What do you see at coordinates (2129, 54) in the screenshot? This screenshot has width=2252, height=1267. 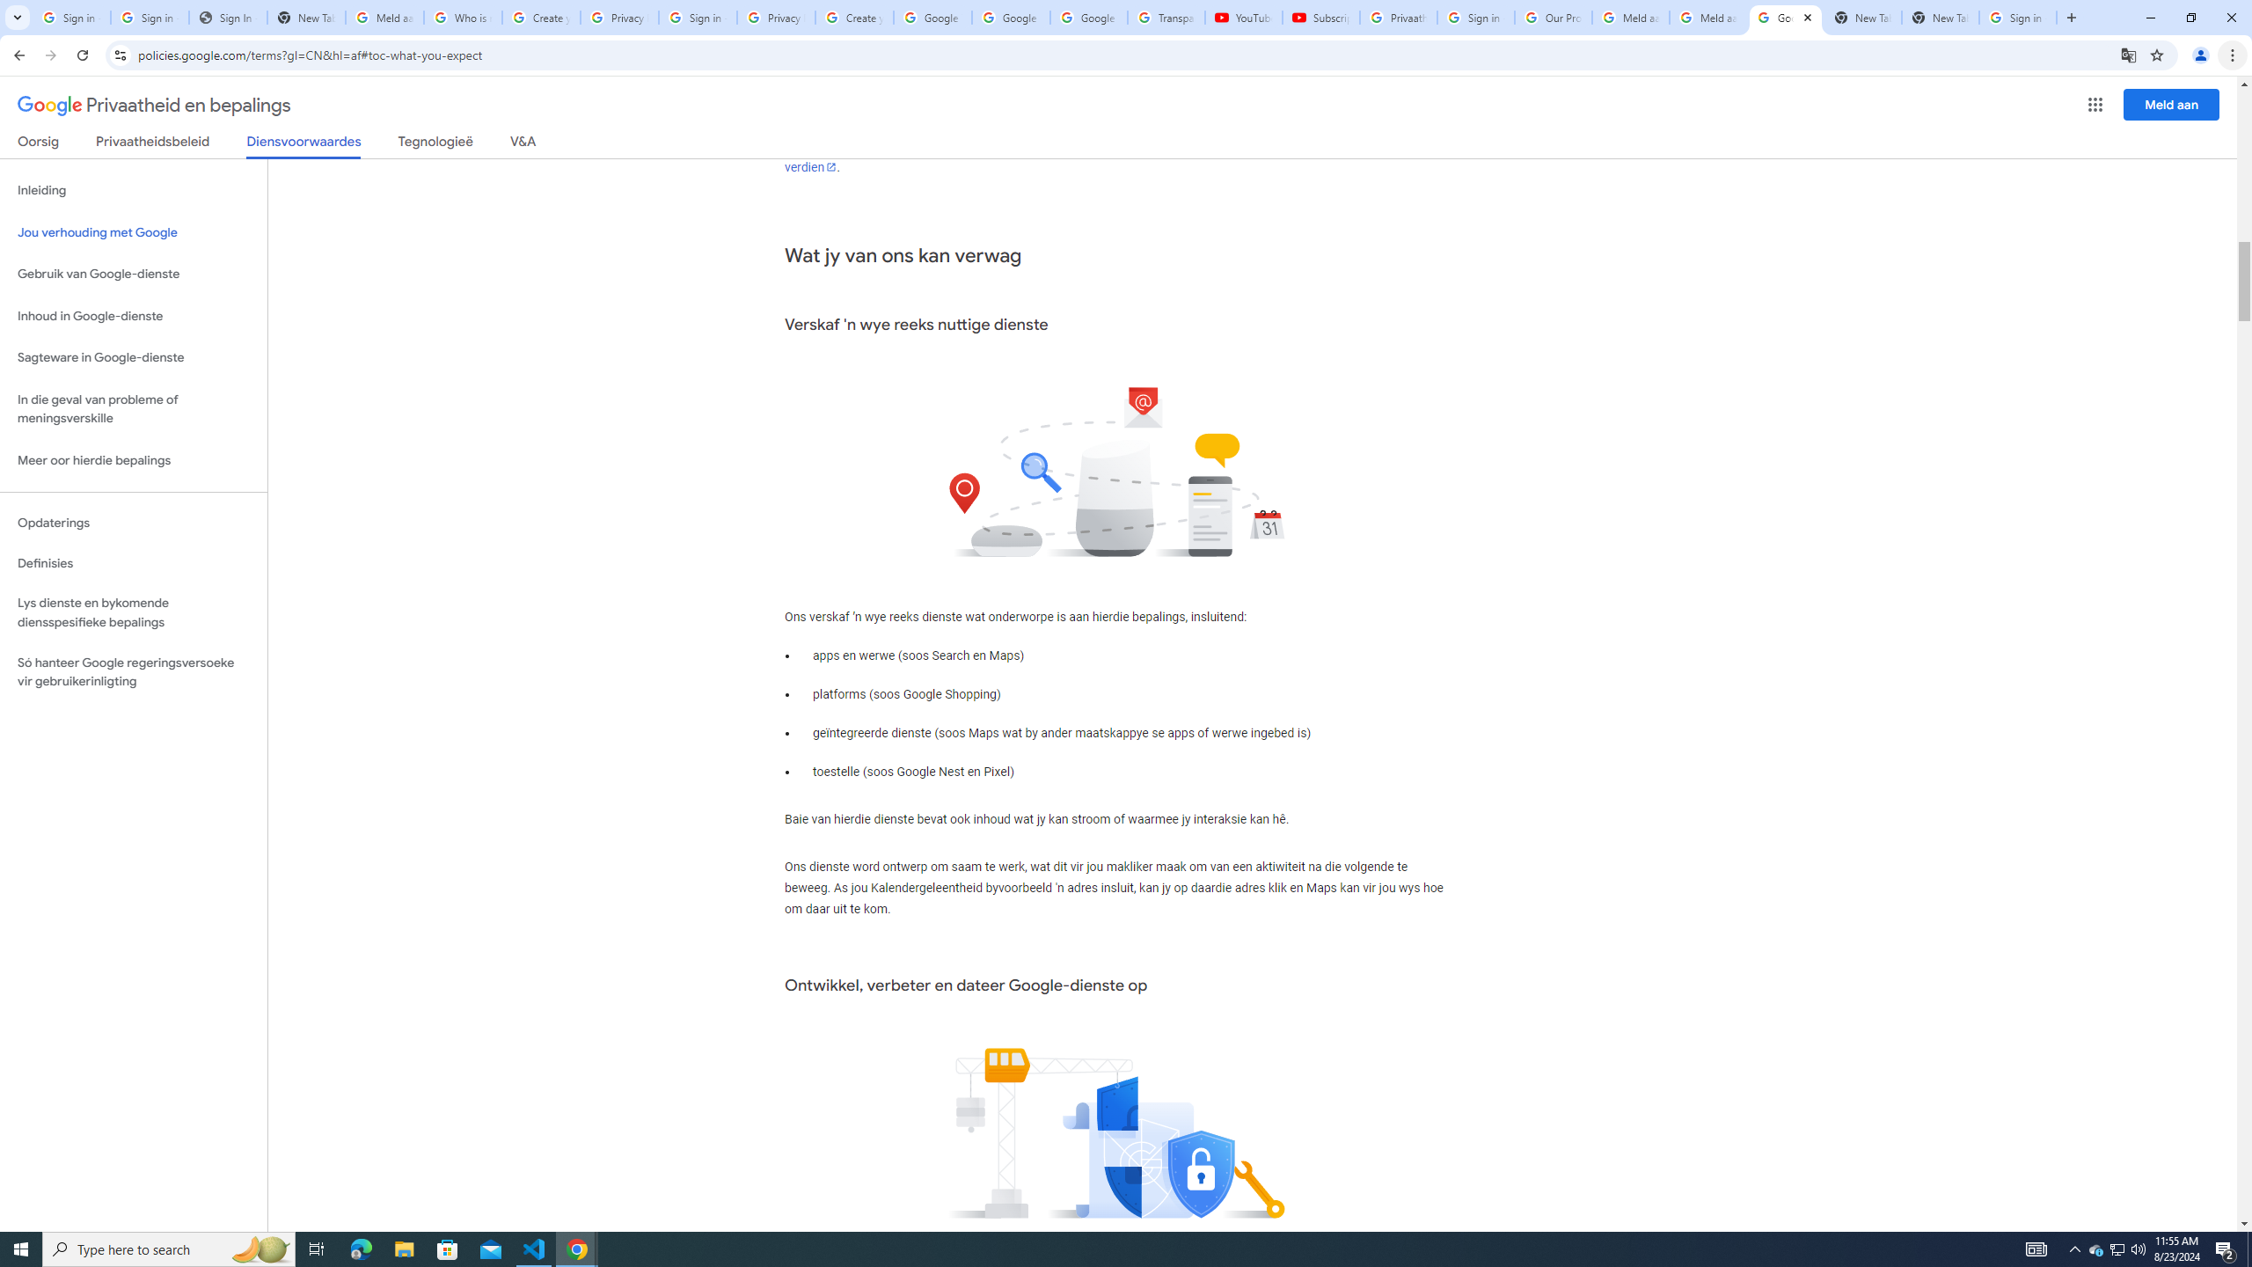 I see `'Translate this page'` at bounding box center [2129, 54].